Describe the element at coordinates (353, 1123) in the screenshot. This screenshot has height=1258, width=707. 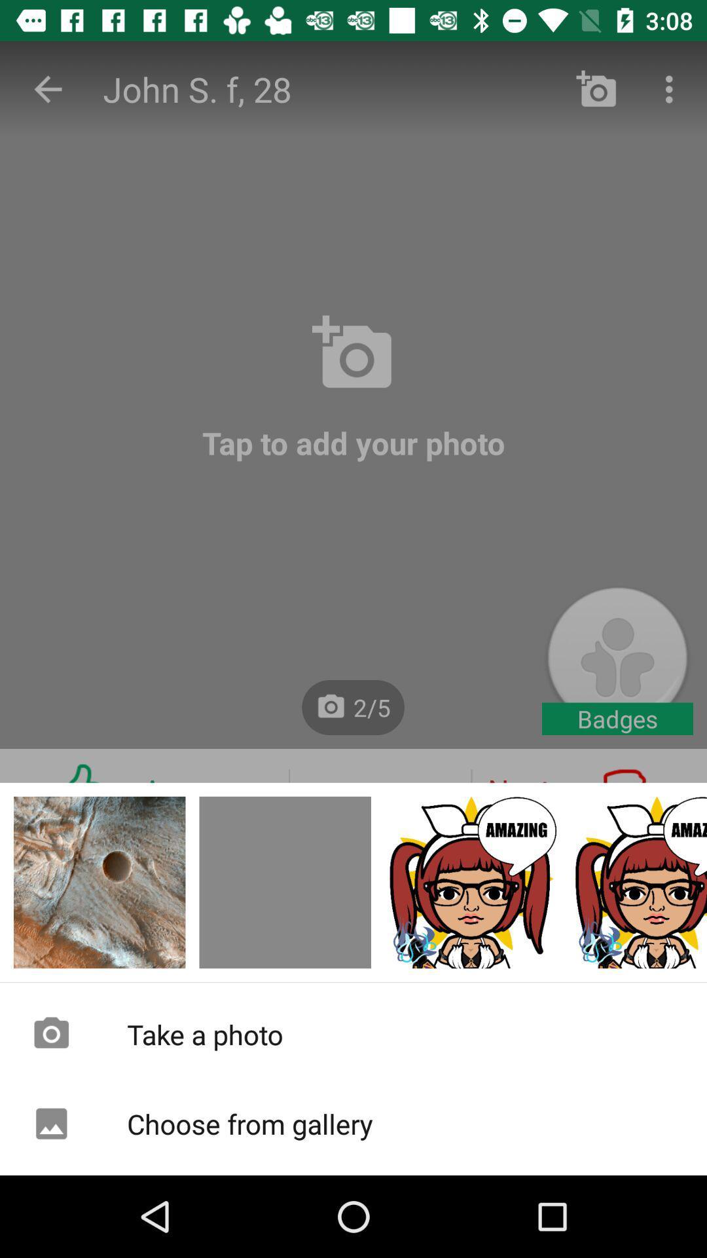
I see `the choose from gallery icon` at that location.